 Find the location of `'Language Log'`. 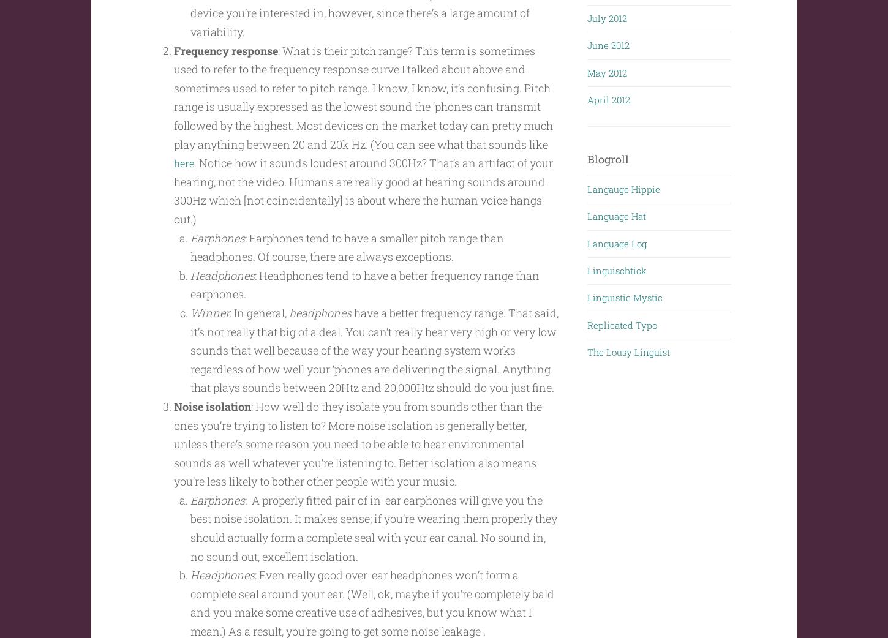

'Language Log' is located at coordinates (587, 240).